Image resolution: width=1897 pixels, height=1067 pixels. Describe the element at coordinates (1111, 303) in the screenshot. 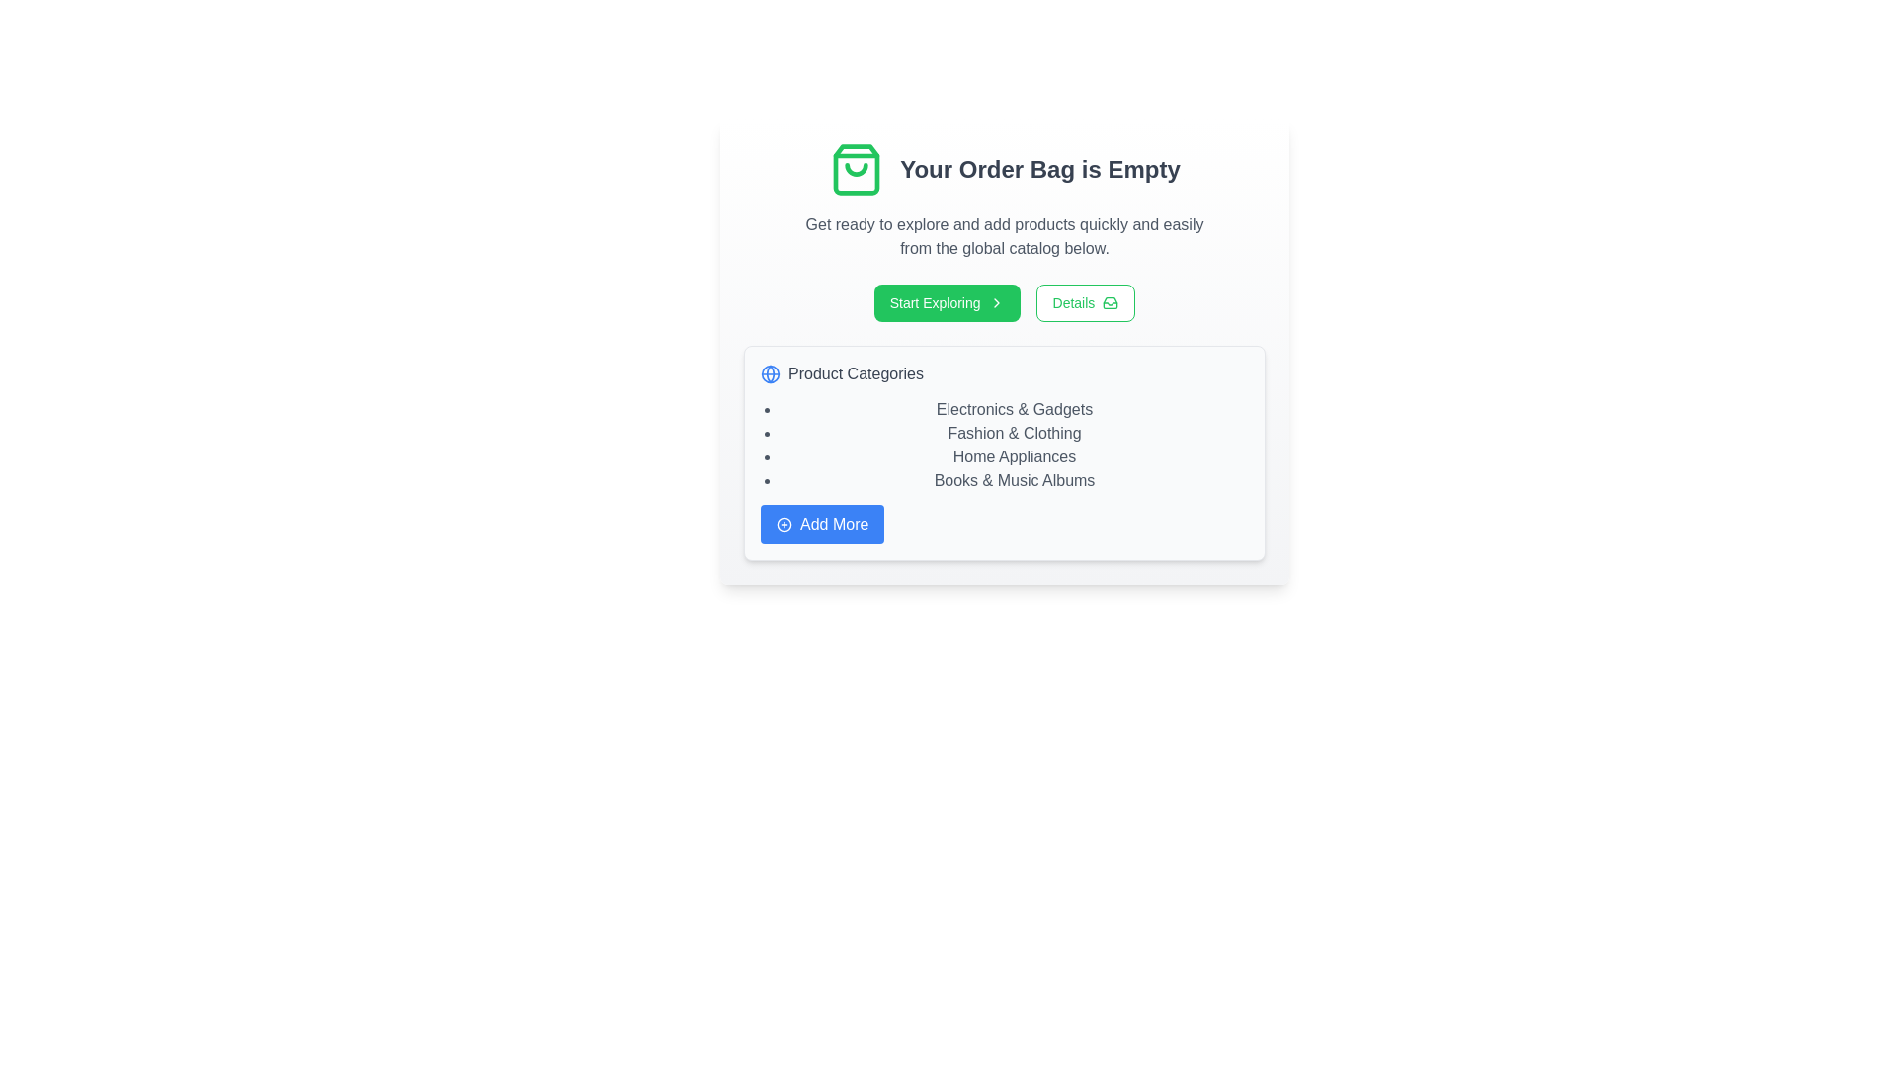

I see `the envelope icon located to the right of the 'Start Exploring' button, which visually represents the inbox and related actions` at that location.